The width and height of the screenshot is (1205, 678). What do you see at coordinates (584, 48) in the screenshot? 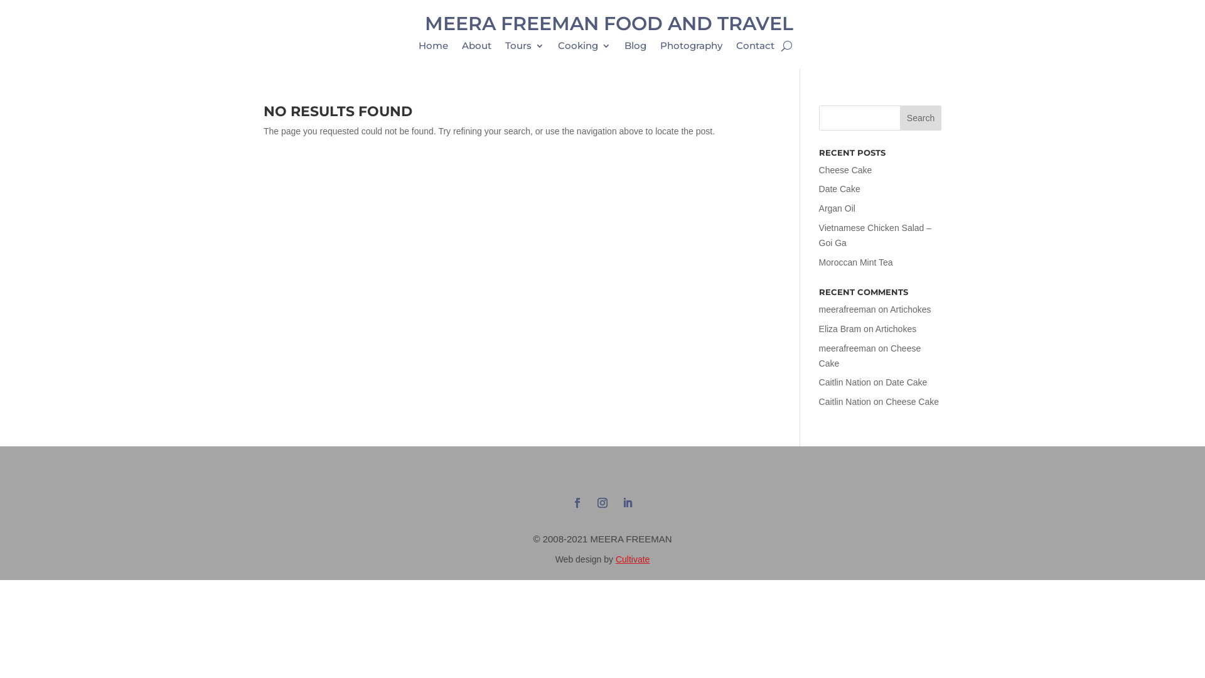
I see `'Cooking'` at bounding box center [584, 48].